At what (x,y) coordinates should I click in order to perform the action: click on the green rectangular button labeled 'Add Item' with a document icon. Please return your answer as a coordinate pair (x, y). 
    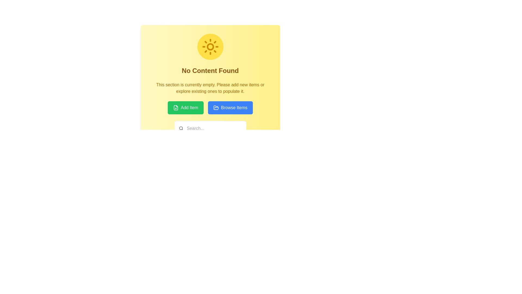
    Looking at the image, I should click on (185, 108).